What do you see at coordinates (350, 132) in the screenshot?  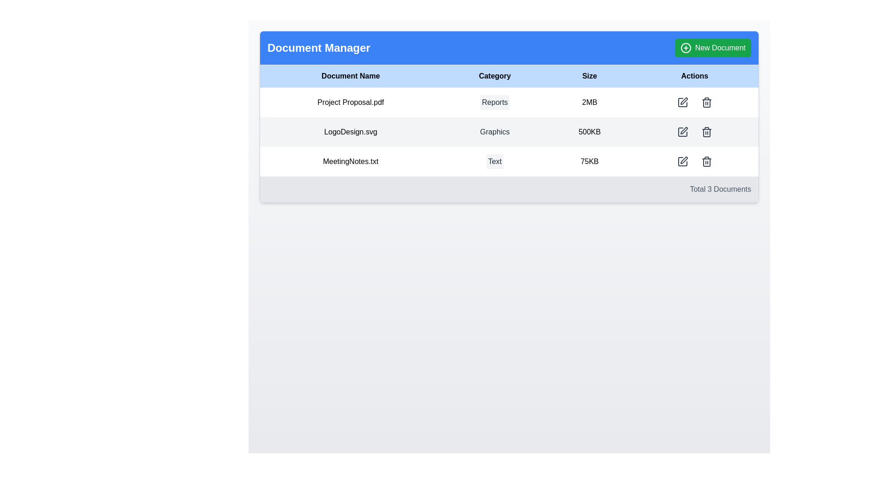 I see `the text label displaying 'LogoDesign.svg' which is centrally aligned in the 'Document Name' column of the table` at bounding box center [350, 132].